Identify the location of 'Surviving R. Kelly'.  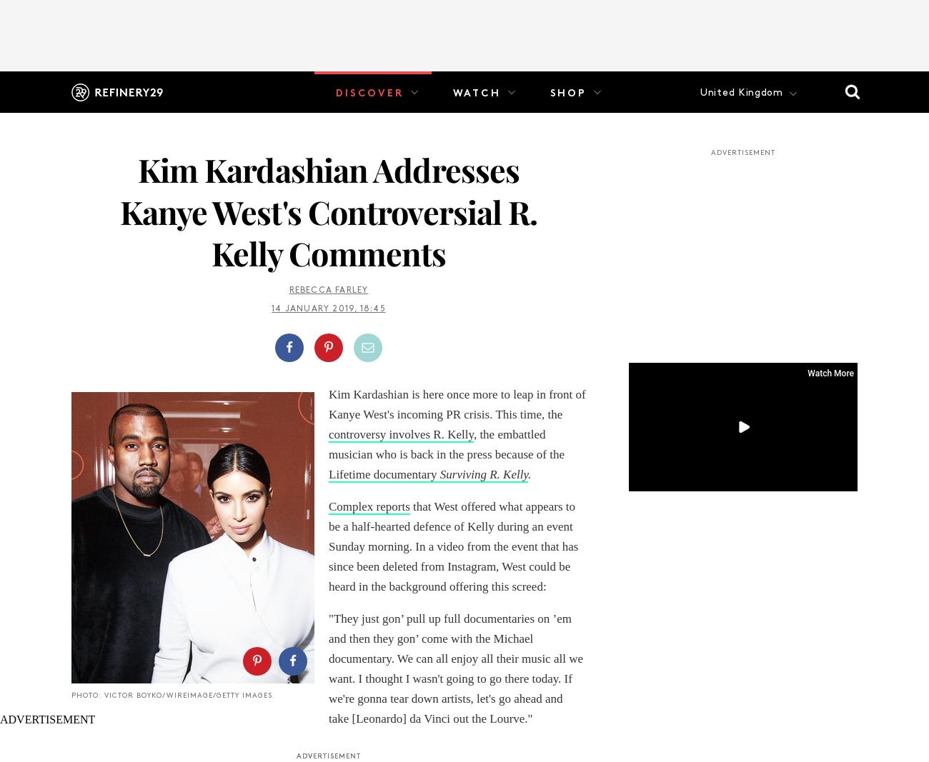
(439, 473).